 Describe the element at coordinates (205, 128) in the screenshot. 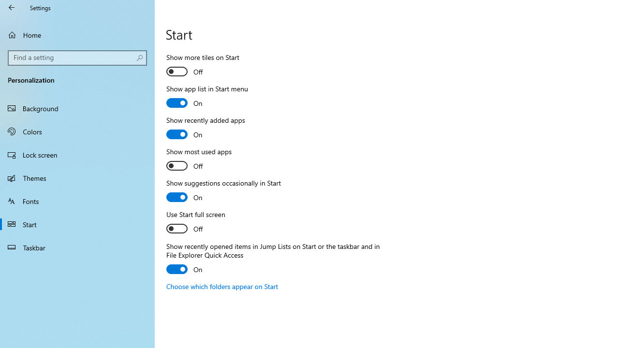

I see `'Show recently added apps'` at that location.